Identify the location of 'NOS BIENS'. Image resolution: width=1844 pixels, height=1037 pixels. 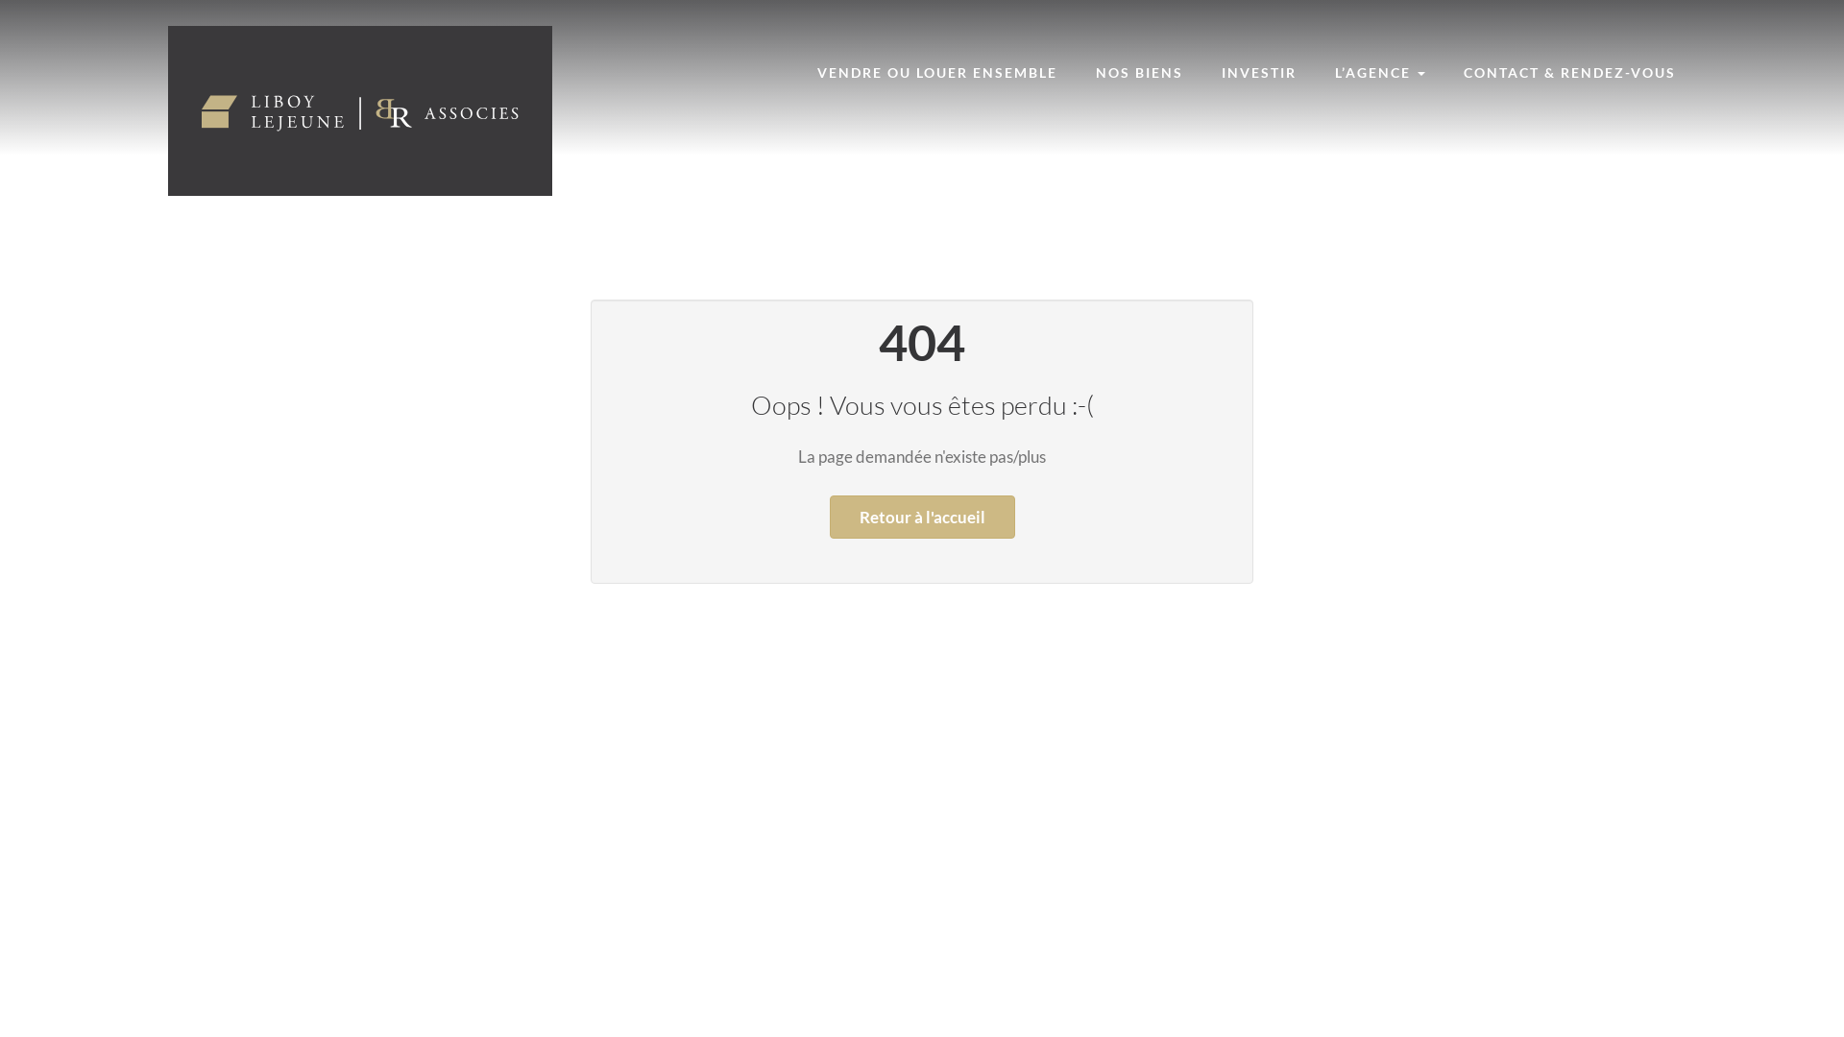
(1139, 71).